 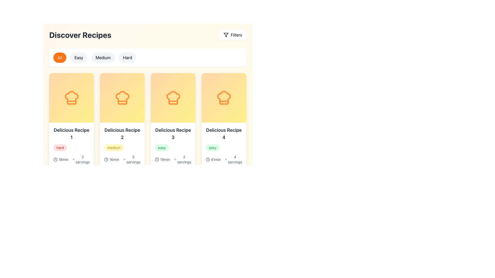 What do you see at coordinates (113, 148) in the screenshot?
I see `text 'medium' displayed on the horizontally oval yellow label located below the title 'Delicious Recipe 2'` at bounding box center [113, 148].